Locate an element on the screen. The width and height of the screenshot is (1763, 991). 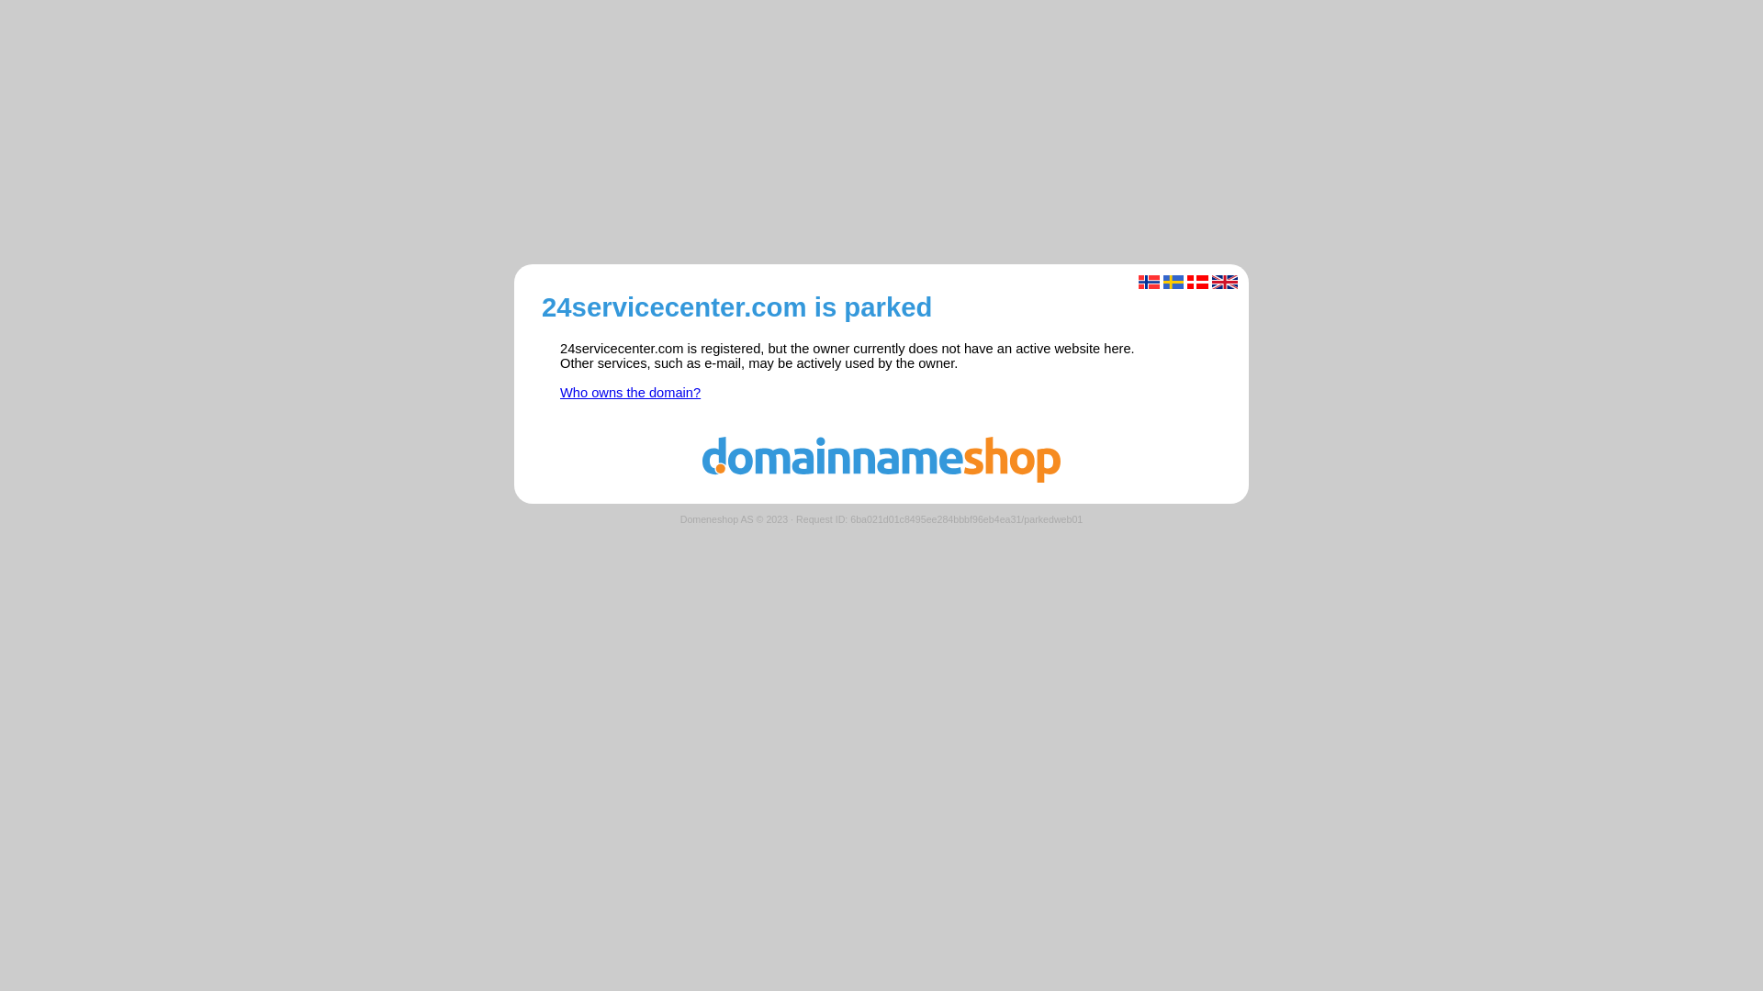
'English' is located at coordinates (1225, 282).